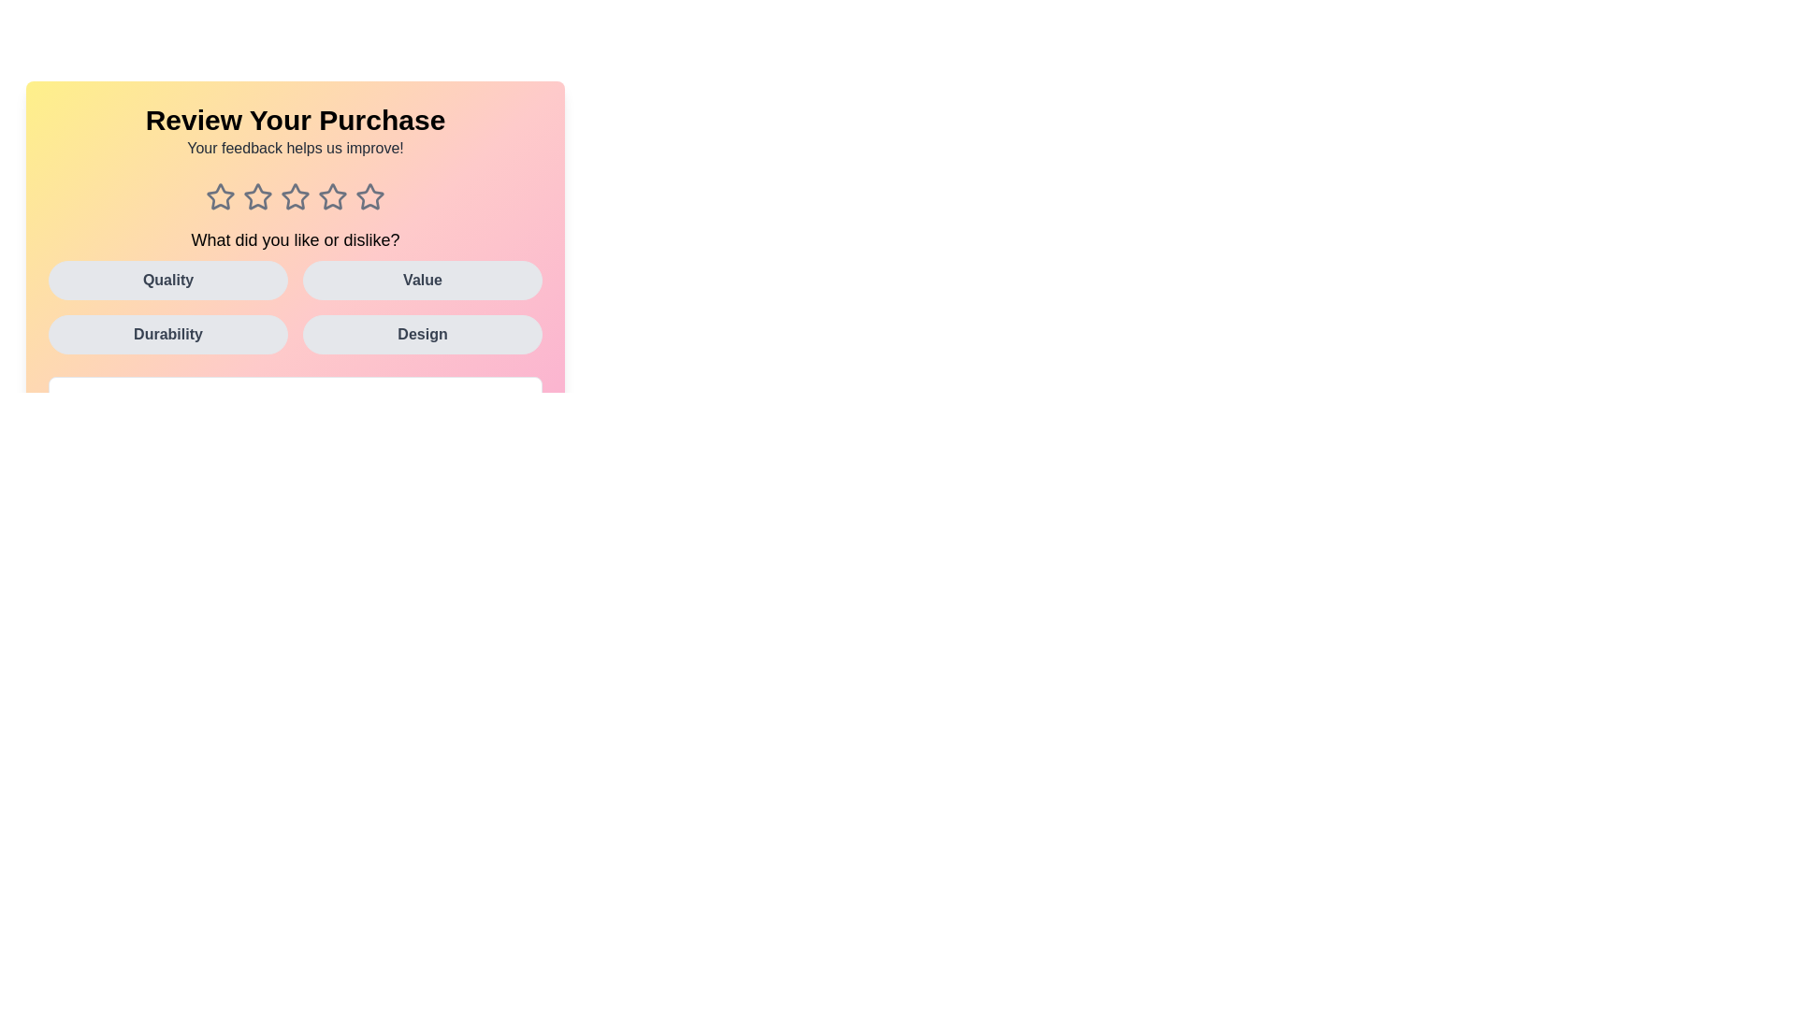 This screenshot has height=1010, width=1796. I want to click on the third interactive star icon, so click(332, 196).